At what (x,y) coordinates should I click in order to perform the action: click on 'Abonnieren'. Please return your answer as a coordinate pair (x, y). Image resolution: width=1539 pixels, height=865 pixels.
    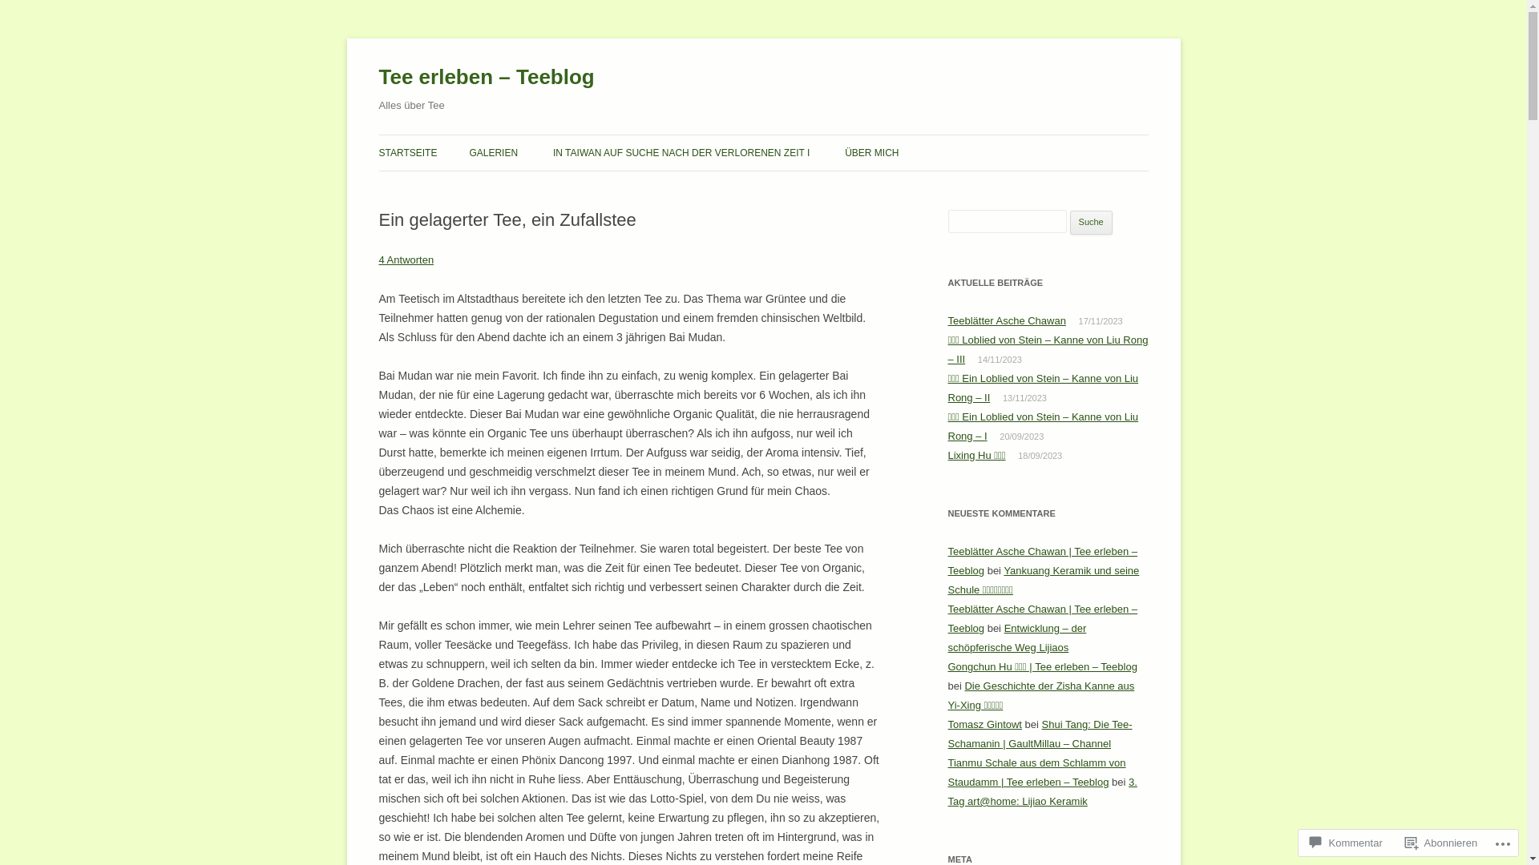
    Looking at the image, I should click on (1441, 842).